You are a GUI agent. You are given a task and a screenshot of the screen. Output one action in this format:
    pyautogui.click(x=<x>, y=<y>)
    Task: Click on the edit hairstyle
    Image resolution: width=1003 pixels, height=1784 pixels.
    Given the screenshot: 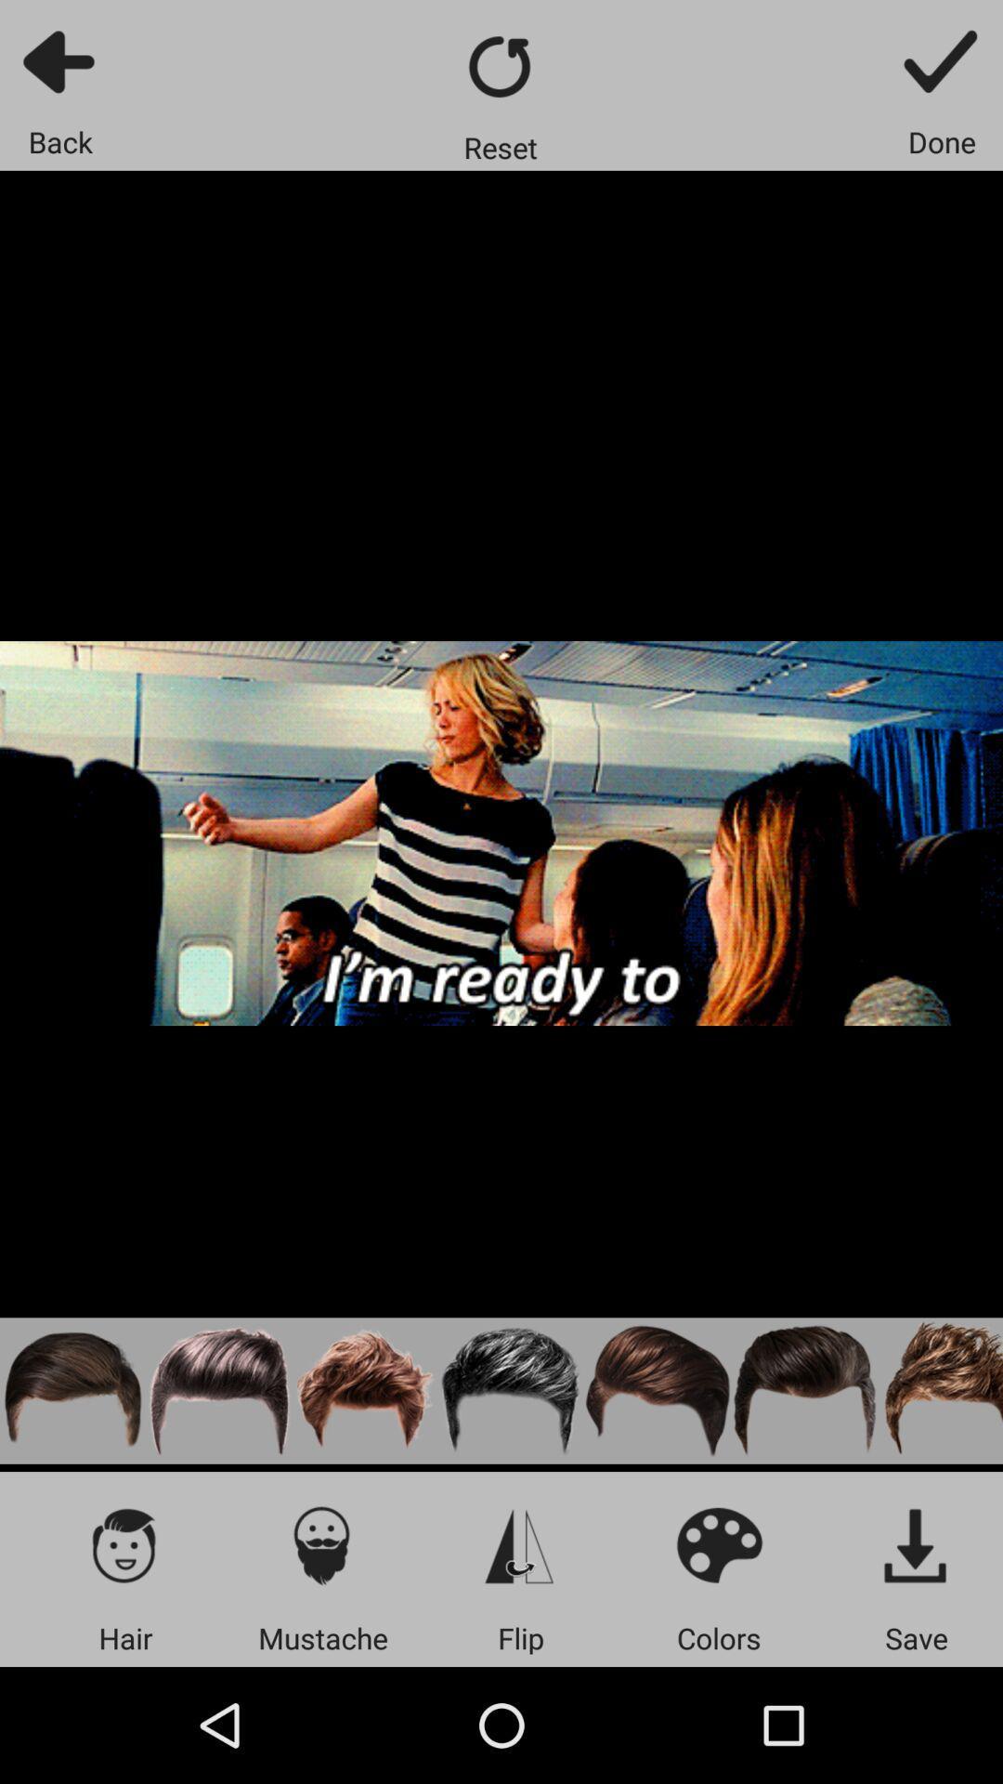 What is the action you would take?
    pyautogui.click(x=365, y=1391)
    